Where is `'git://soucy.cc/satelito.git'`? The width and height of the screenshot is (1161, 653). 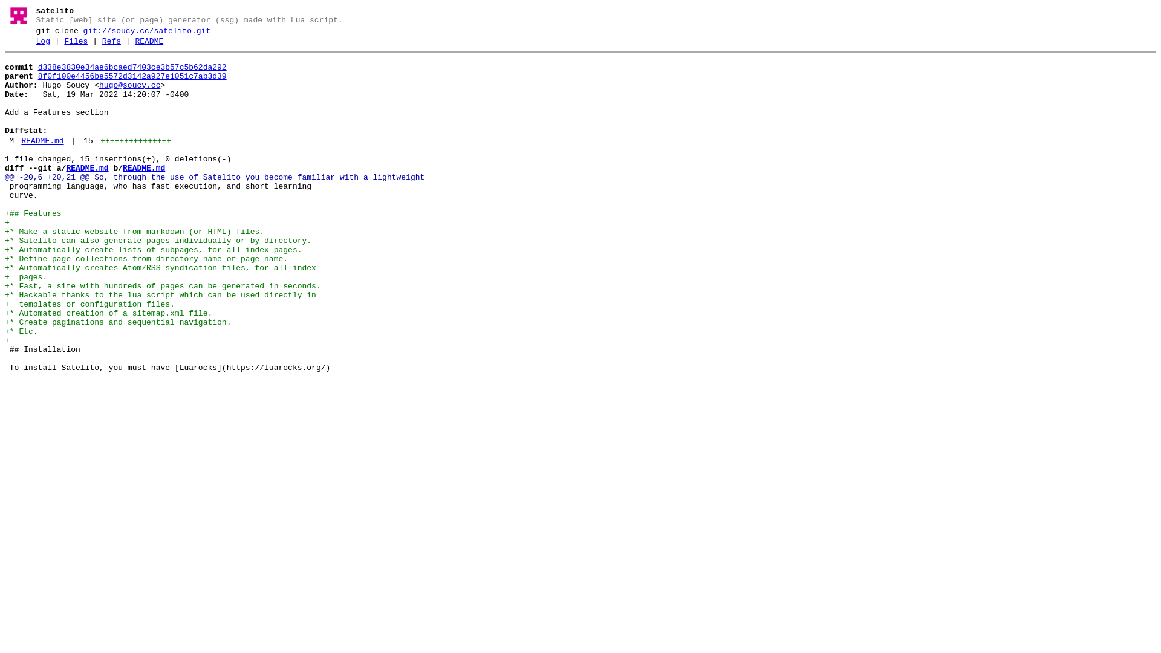 'git://soucy.cc/satelito.git' is located at coordinates (146, 30).